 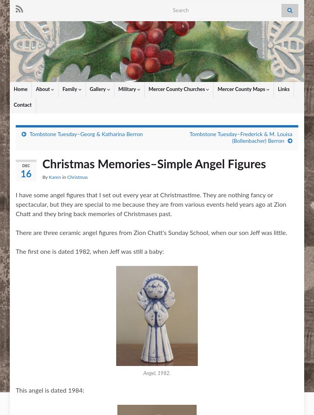 I want to click on 'Mercer County Maps', so click(x=242, y=89).